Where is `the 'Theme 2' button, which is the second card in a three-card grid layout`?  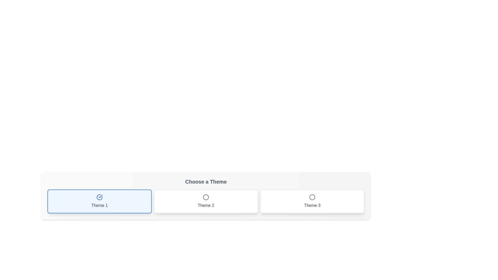
the 'Theme 2' button, which is the second card in a three-card grid layout is located at coordinates (205, 201).